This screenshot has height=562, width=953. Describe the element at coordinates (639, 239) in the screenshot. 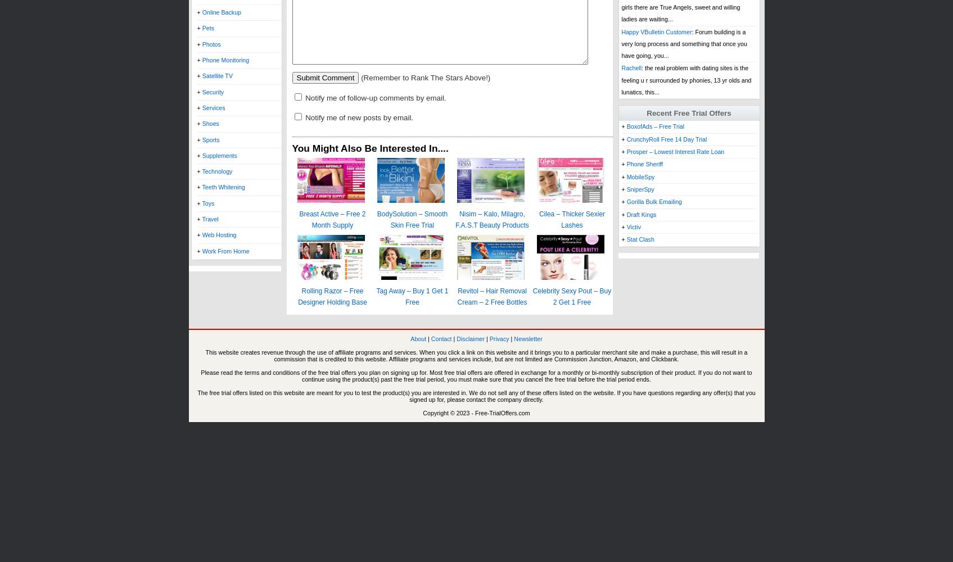

I see `'Stat Clash'` at that location.